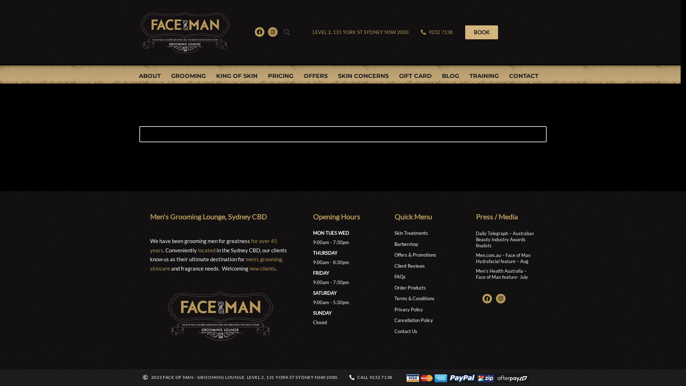 Image resolution: width=686 pixels, height=386 pixels. Describe the element at coordinates (506, 76) in the screenshot. I see `'CONTACT'` at that location.